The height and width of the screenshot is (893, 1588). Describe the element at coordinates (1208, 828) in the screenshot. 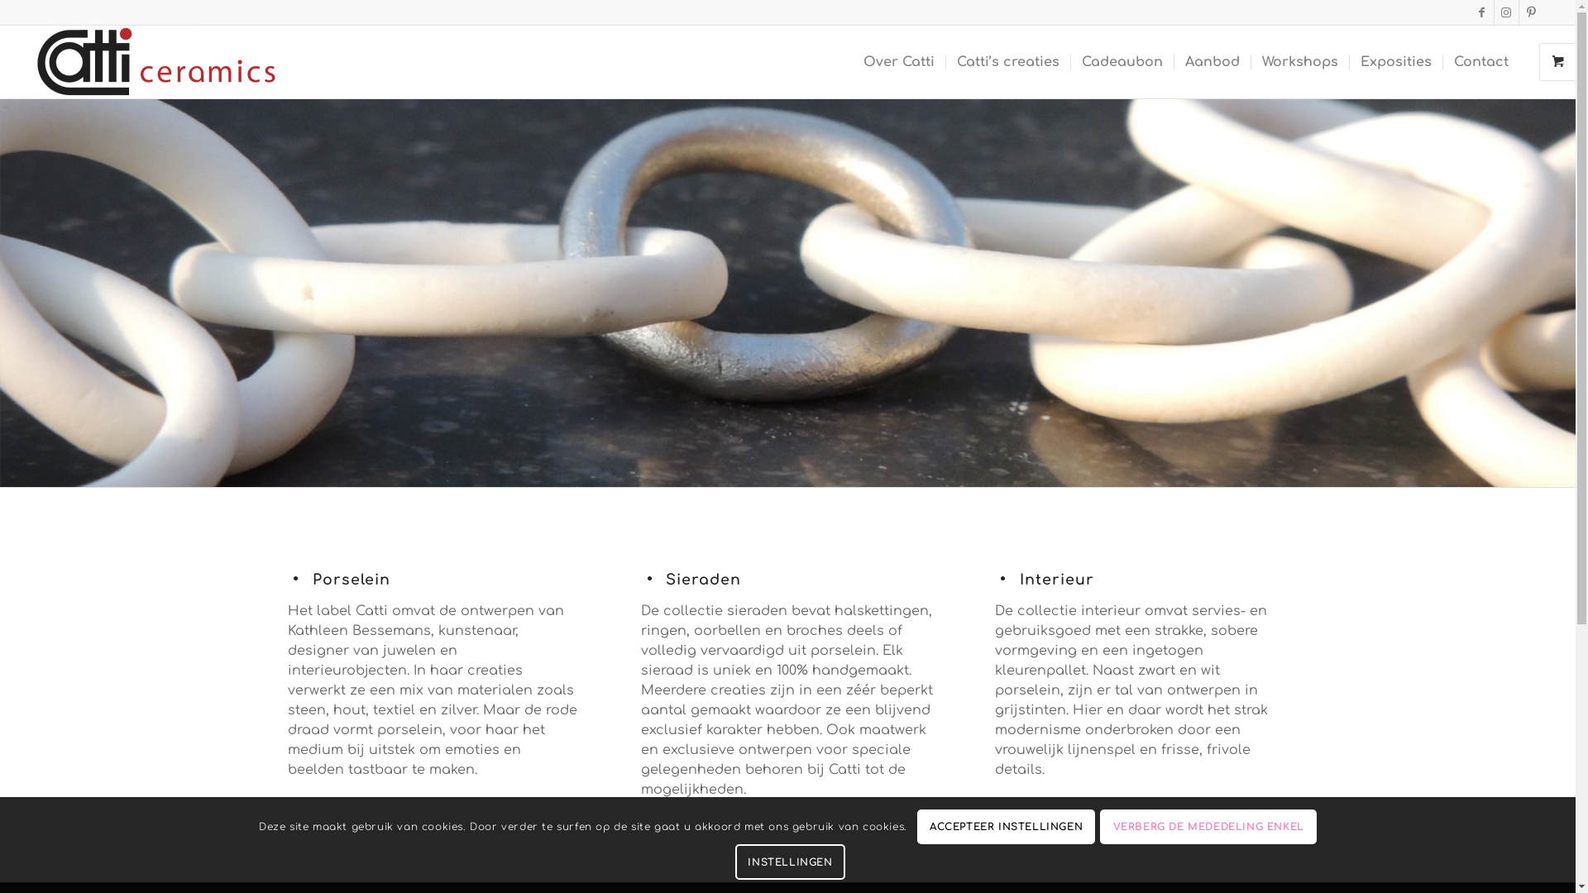

I see `'VERBERG DE MEDEDELING ENKEL'` at that location.